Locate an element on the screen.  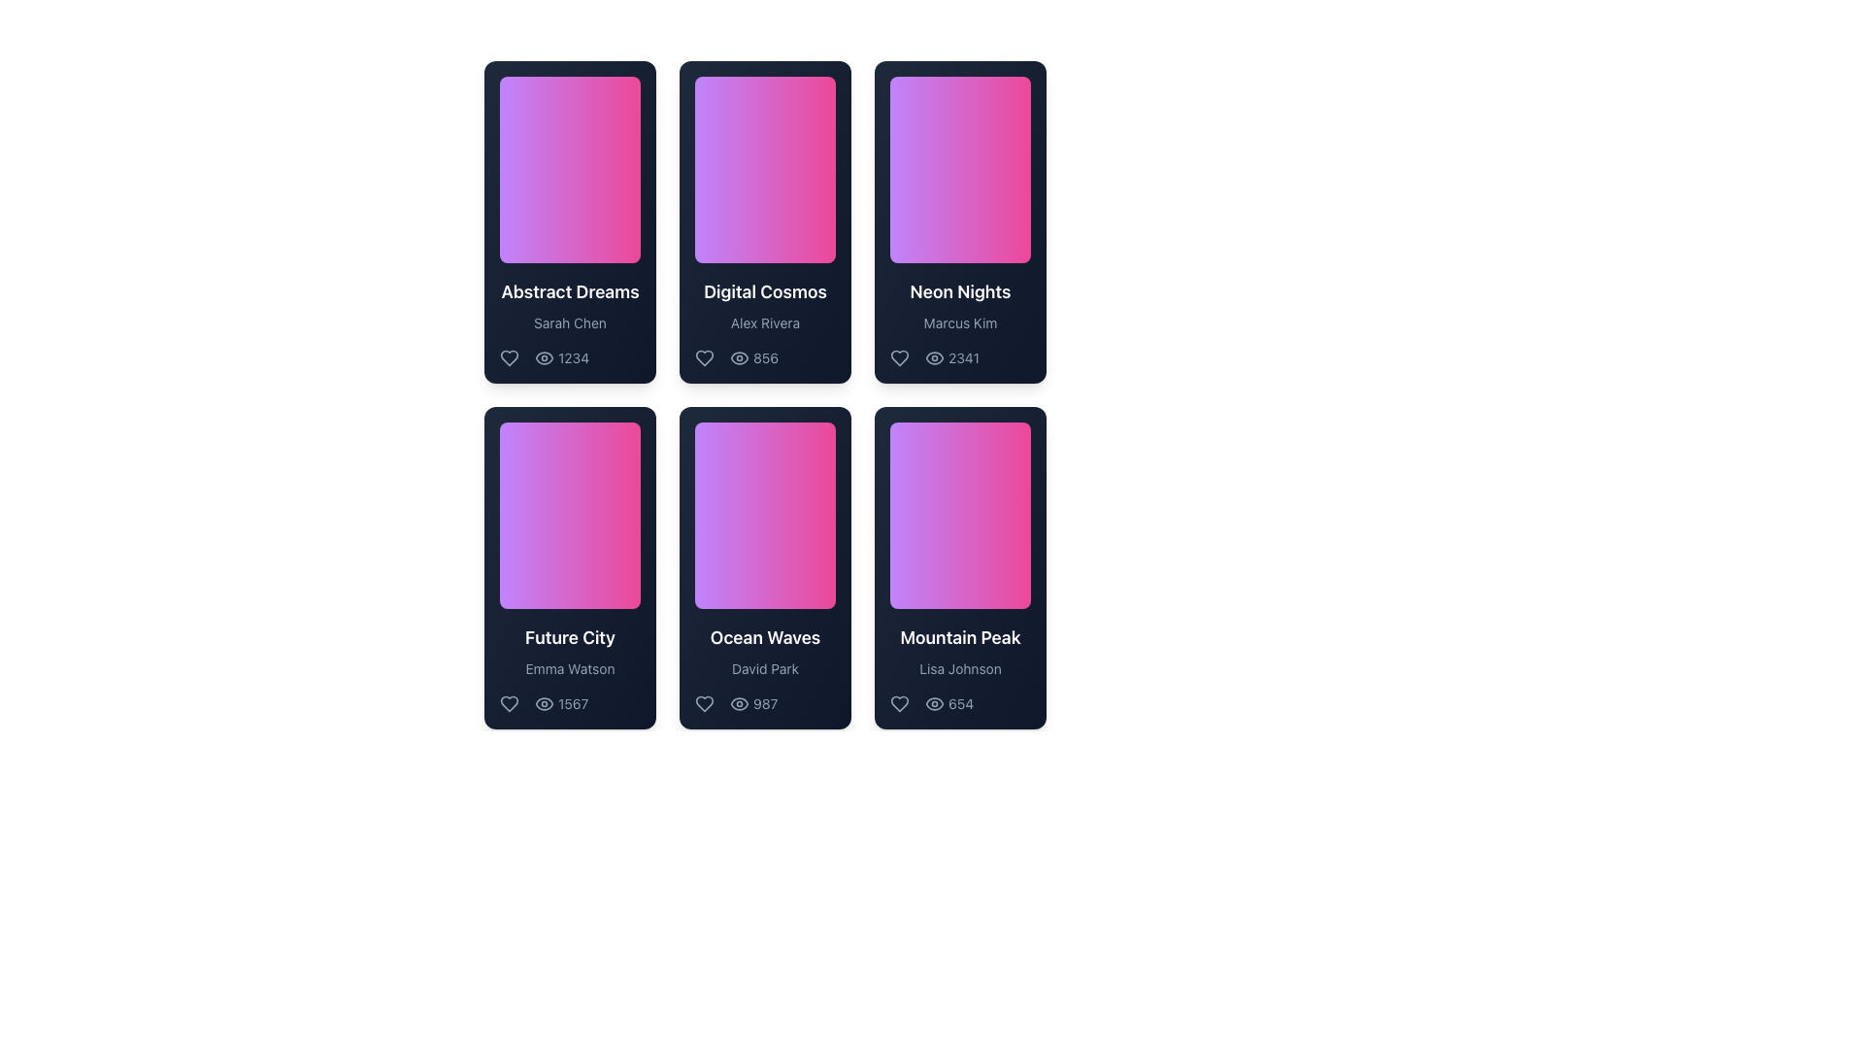
the first Information card located in the middle row of a three-column grid layout is located at coordinates (569, 568).